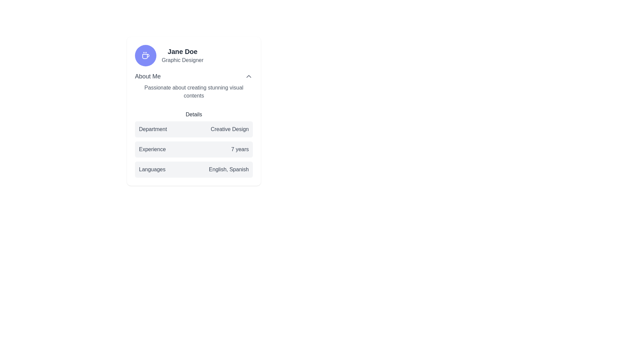  What do you see at coordinates (194, 169) in the screenshot?
I see `the Informational bar, which is the third item in a vertical stack below 'Department' and 'Experience'` at bounding box center [194, 169].